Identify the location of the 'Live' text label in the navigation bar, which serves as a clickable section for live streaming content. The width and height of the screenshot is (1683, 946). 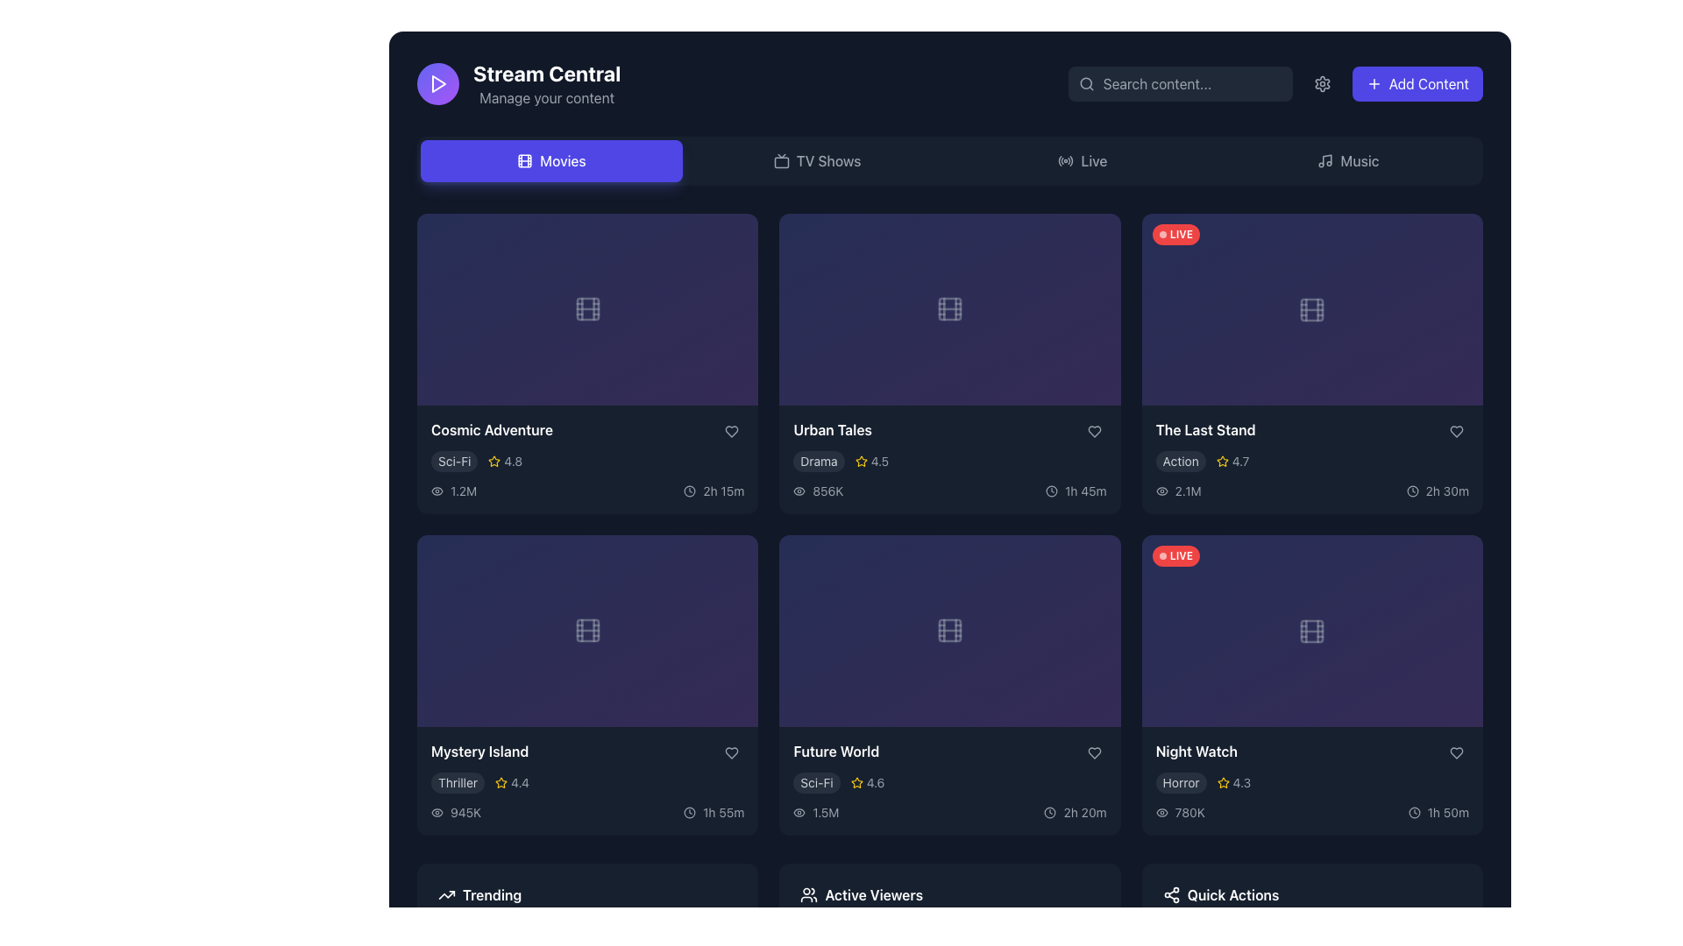
(1093, 161).